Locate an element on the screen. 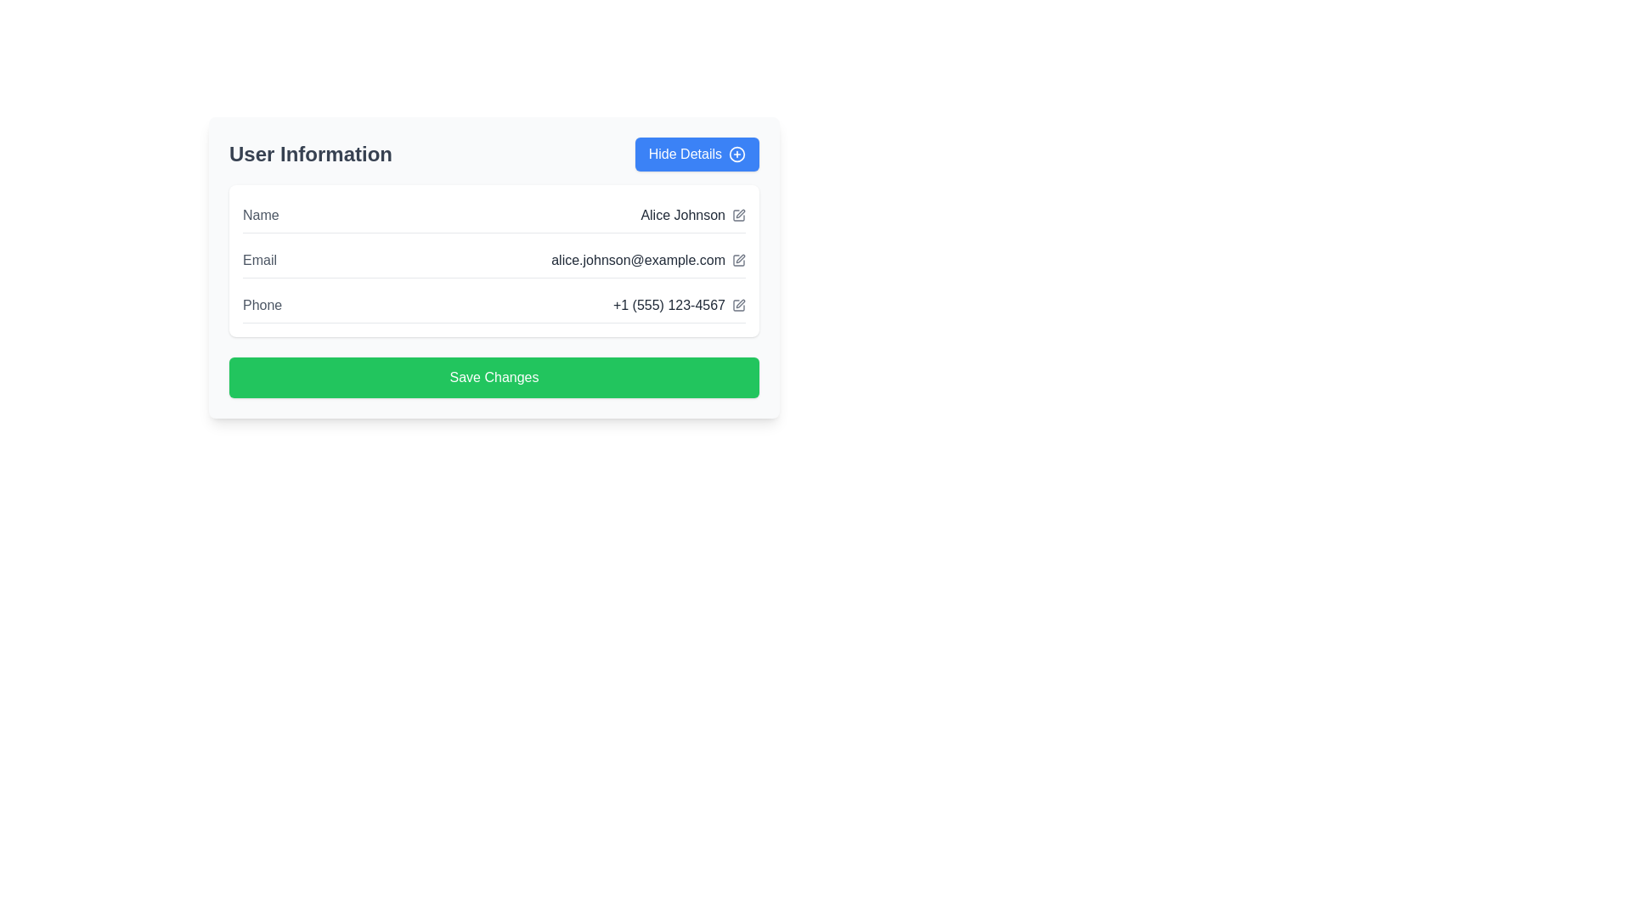 The height and width of the screenshot is (917, 1631). the edit button located to the far right of the phone number '+1 (555) 123-4567' to initiate editing the phone number is located at coordinates (738, 304).